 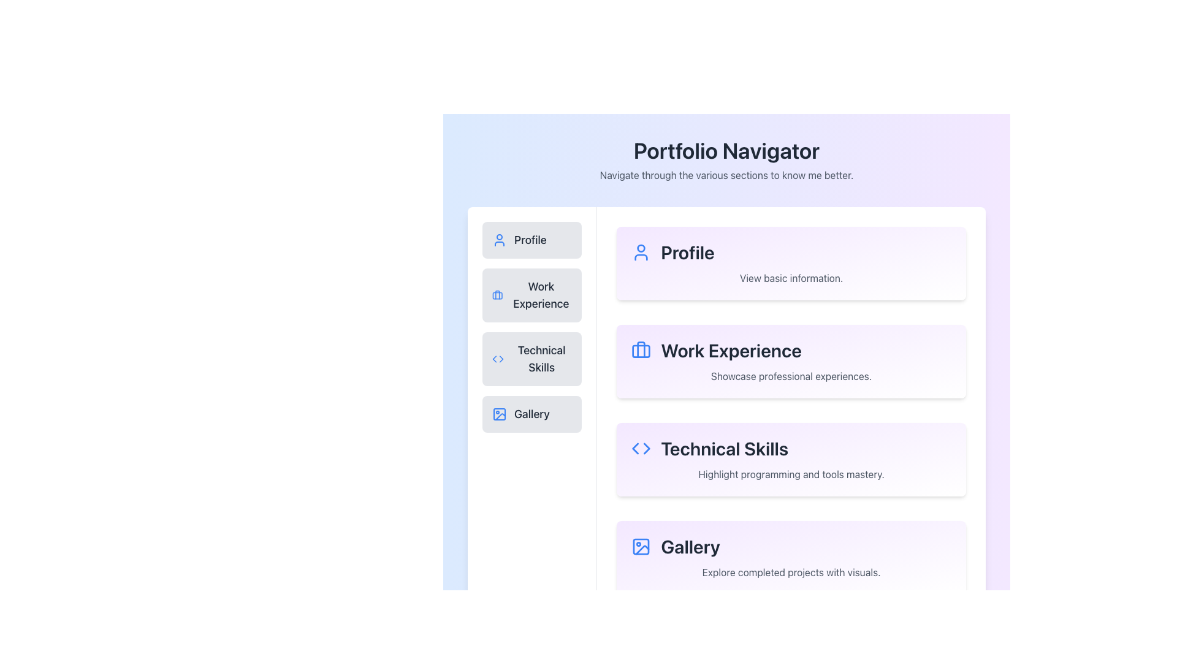 What do you see at coordinates (497, 295) in the screenshot?
I see `the Graphical Icon Component located in the left-side navigation bar, which has a blue color and is positioned under the 'Work Experience' icon` at bounding box center [497, 295].